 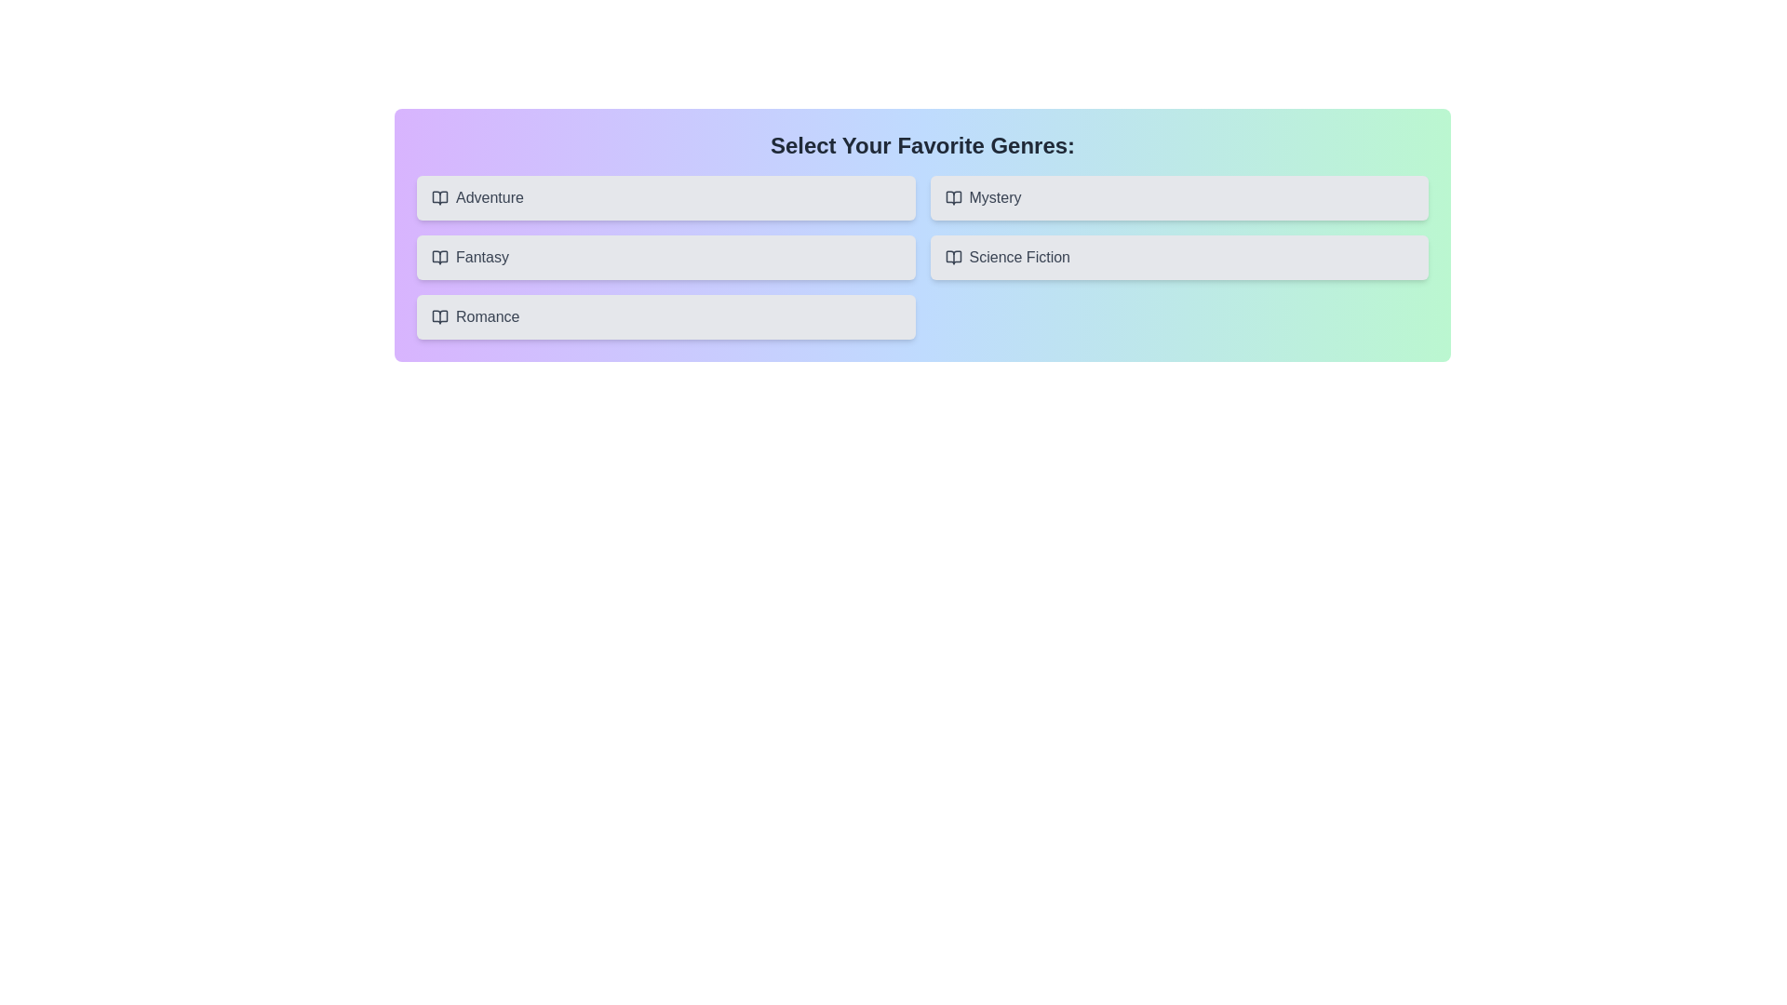 What do you see at coordinates (665, 258) in the screenshot?
I see `the button corresponding to the genre Fantasy` at bounding box center [665, 258].